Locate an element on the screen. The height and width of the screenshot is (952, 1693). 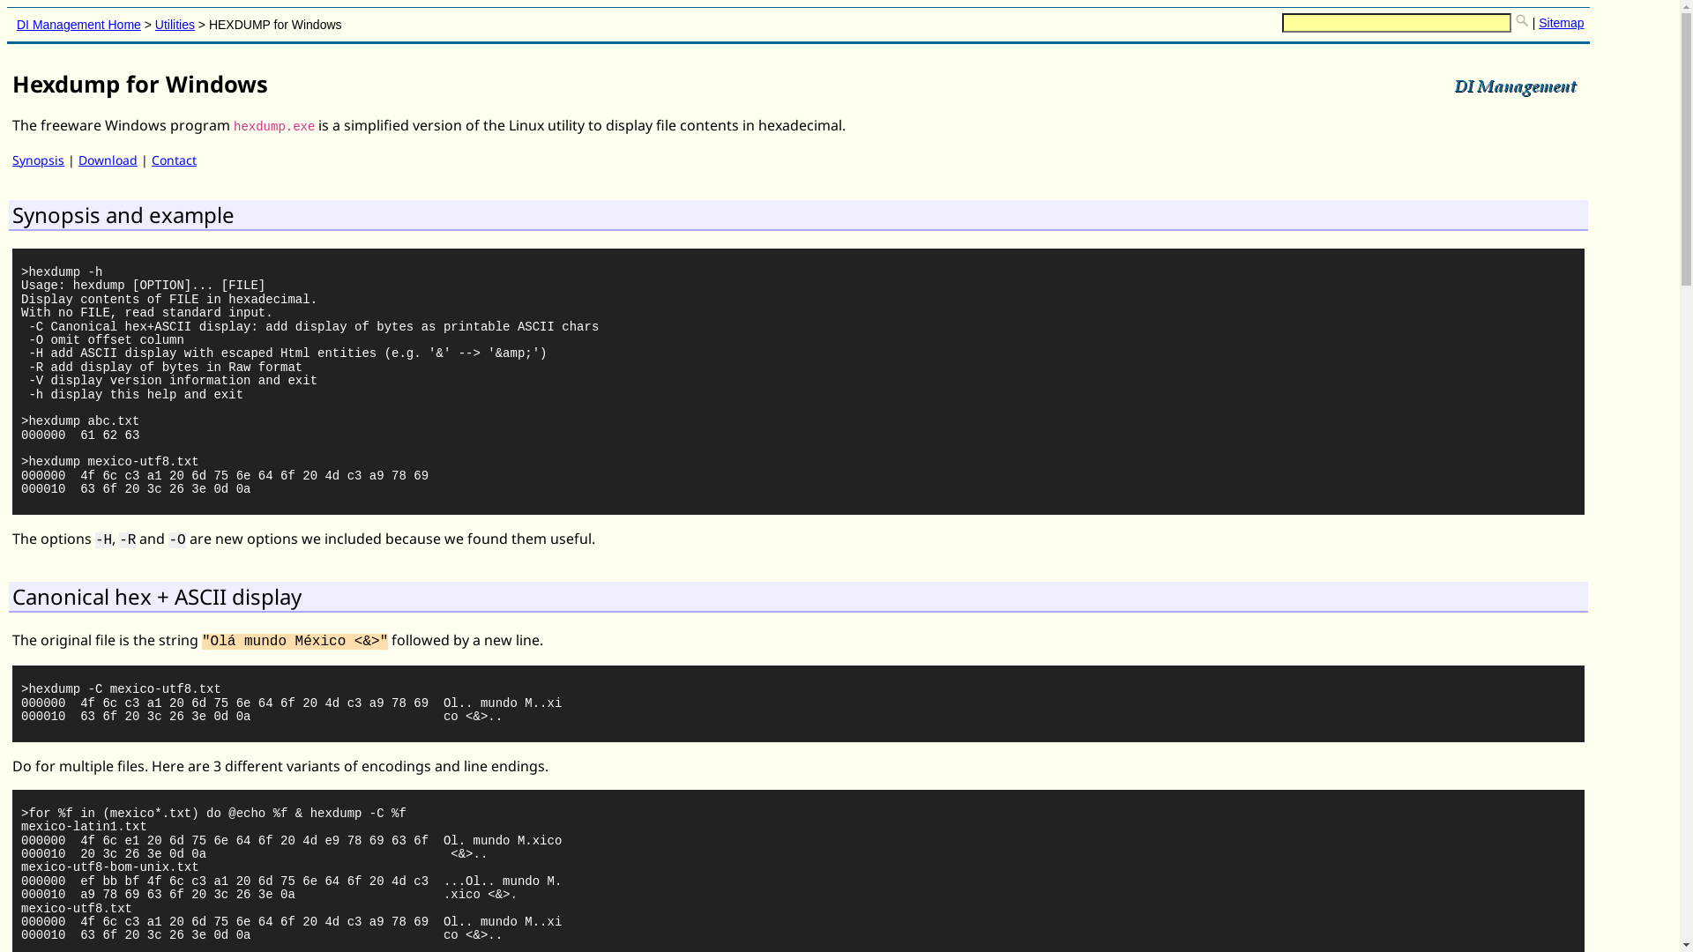
'Contact' is located at coordinates (174, 160).